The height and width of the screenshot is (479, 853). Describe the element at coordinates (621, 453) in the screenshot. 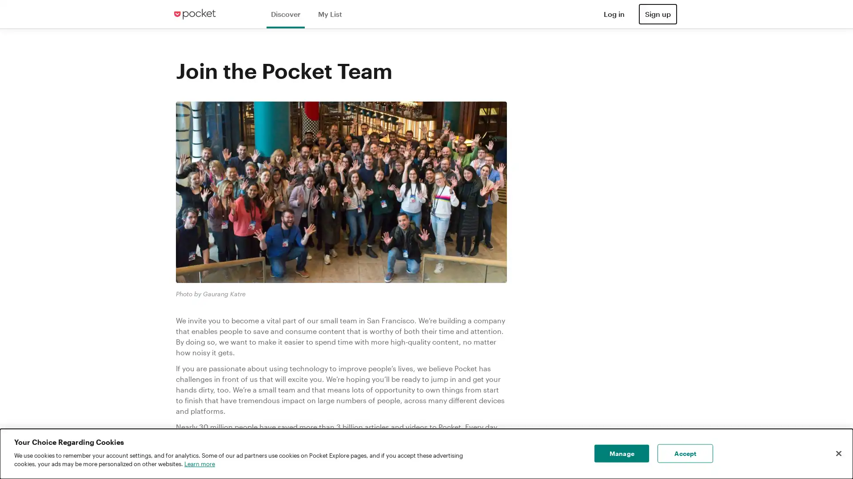

I see `Manage` at that location.